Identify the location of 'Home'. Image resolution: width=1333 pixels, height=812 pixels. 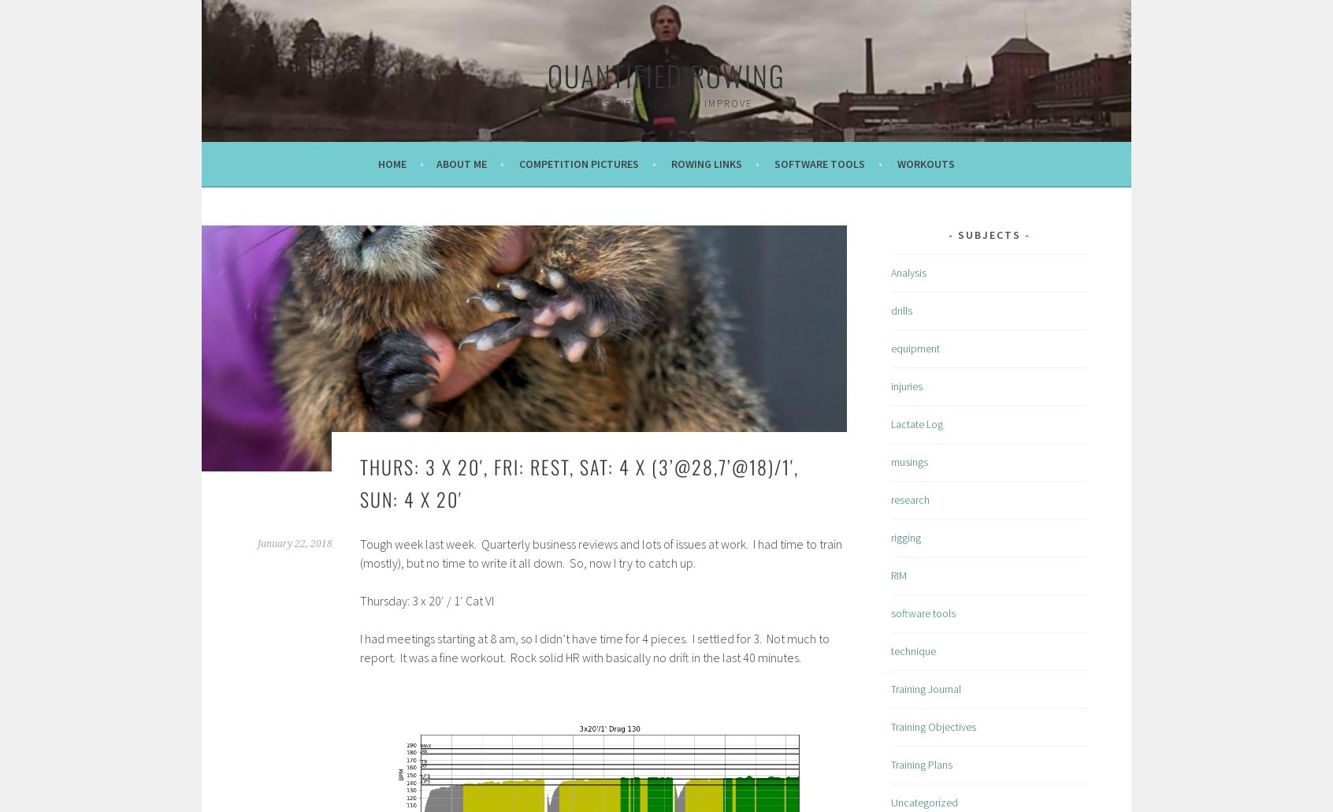
(392, 163).